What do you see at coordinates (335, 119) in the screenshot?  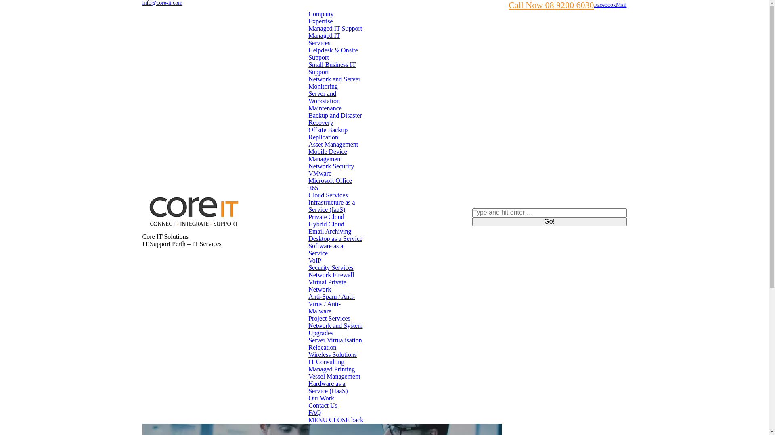 I see `'Backup and Disaster Recovery'` at bounding box center [335, 119].